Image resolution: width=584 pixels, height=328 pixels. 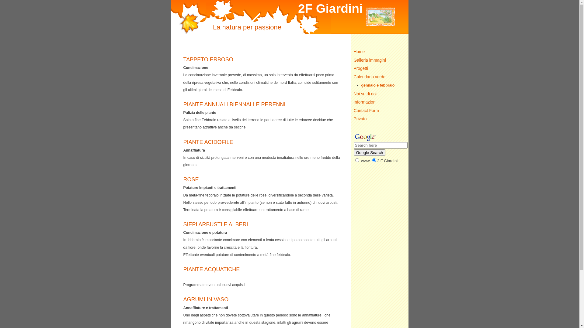 I want to click on 'Google Search', so click(x=353, y=152).